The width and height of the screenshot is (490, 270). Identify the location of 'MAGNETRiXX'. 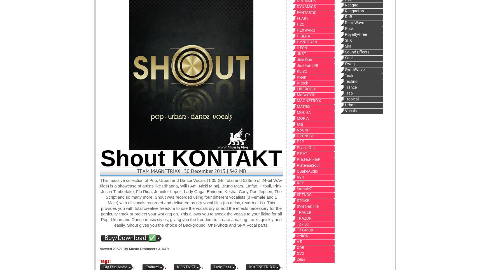
(262, 267).